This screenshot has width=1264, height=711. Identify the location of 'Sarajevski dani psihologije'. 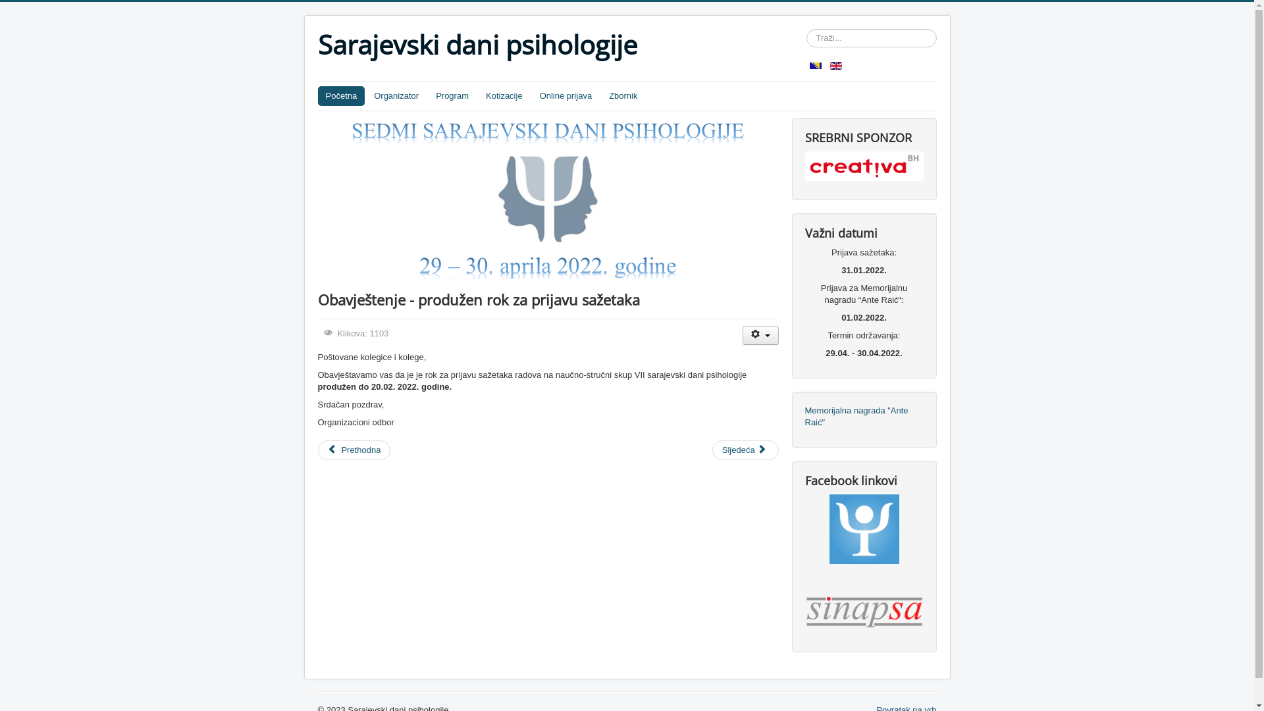
(476, 44).